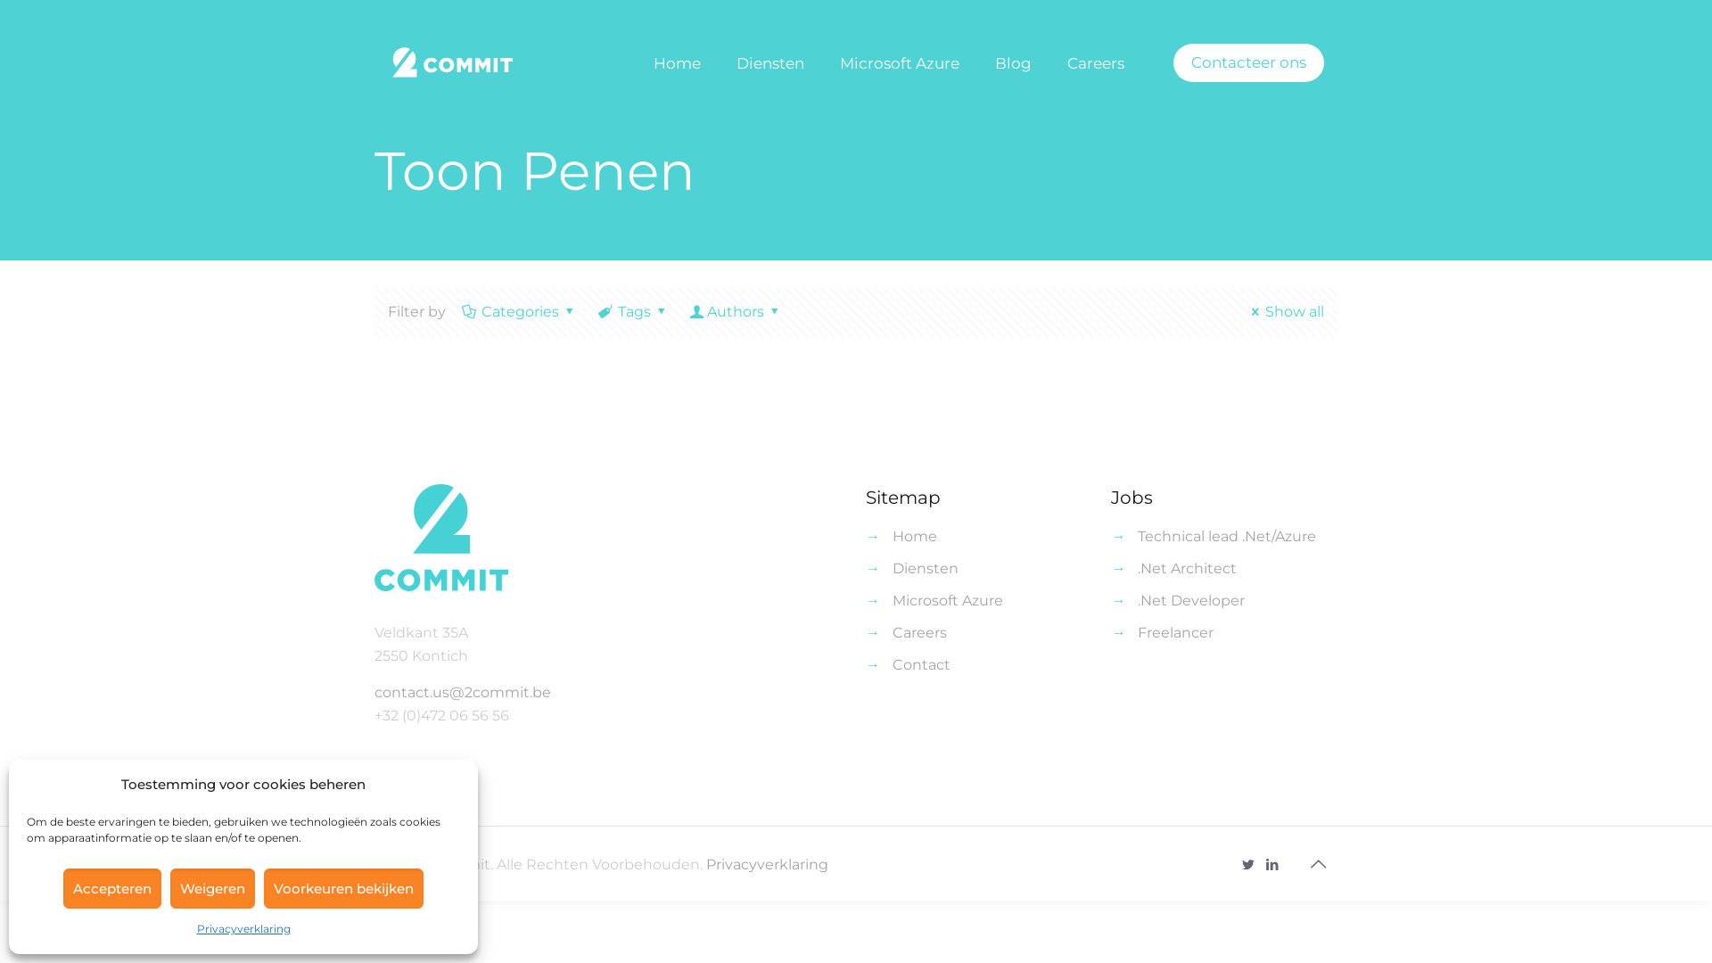 Image resolution: width=1712 pixels, height=963 pixels. What do you see at coordinates (634, 310) in the screenshot?
I see `'Tags'` at bounding box center [634, 310].